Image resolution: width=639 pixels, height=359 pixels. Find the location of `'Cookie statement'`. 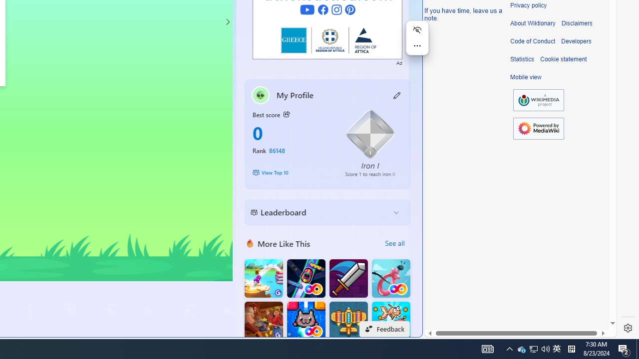

'Cookie statement' is located at coordinates (563, 59).